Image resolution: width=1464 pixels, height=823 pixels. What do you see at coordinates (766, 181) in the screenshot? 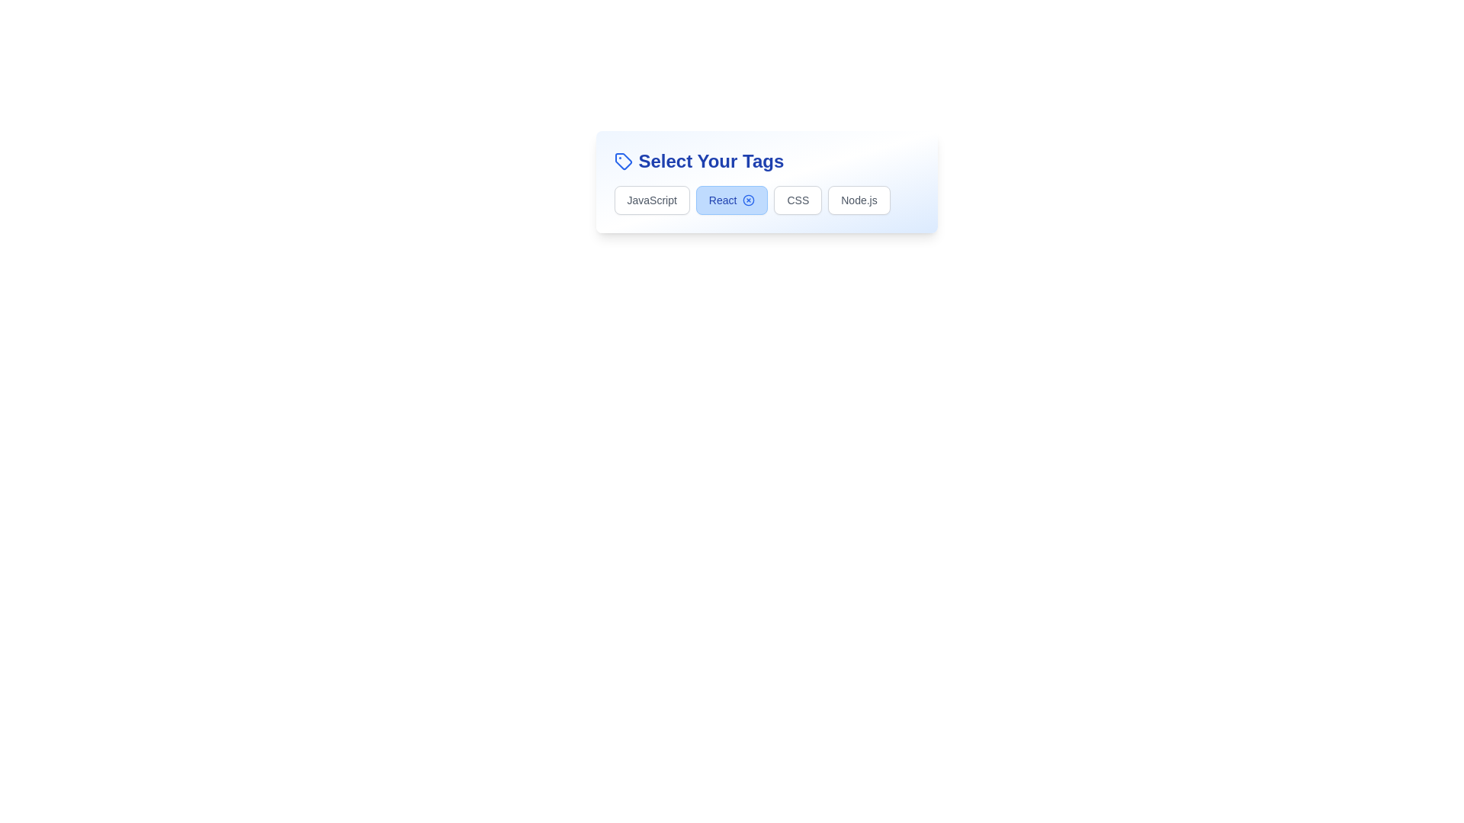
I see `the second selectable tag button below the title 'Select Your Tags'` at bounding box center [766, 181].